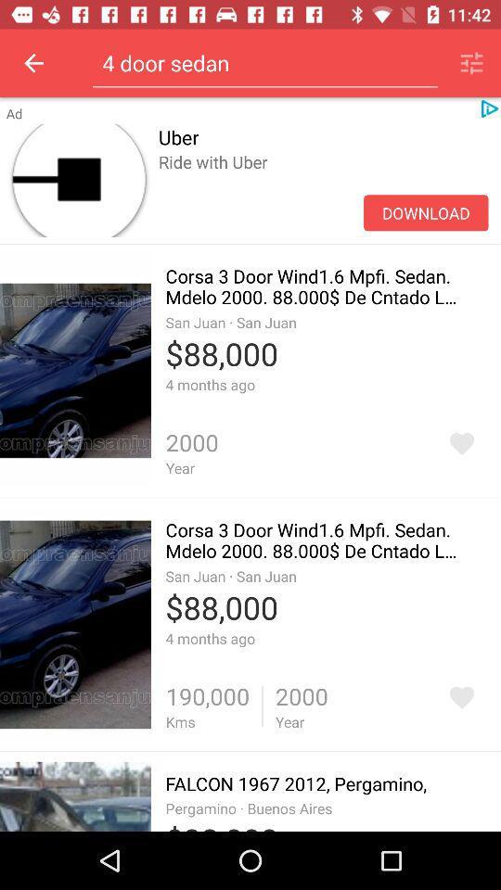  What do you see at coordinates (33, 63) in the screenshot?
I see `previous` at bounding box center [33, 63].